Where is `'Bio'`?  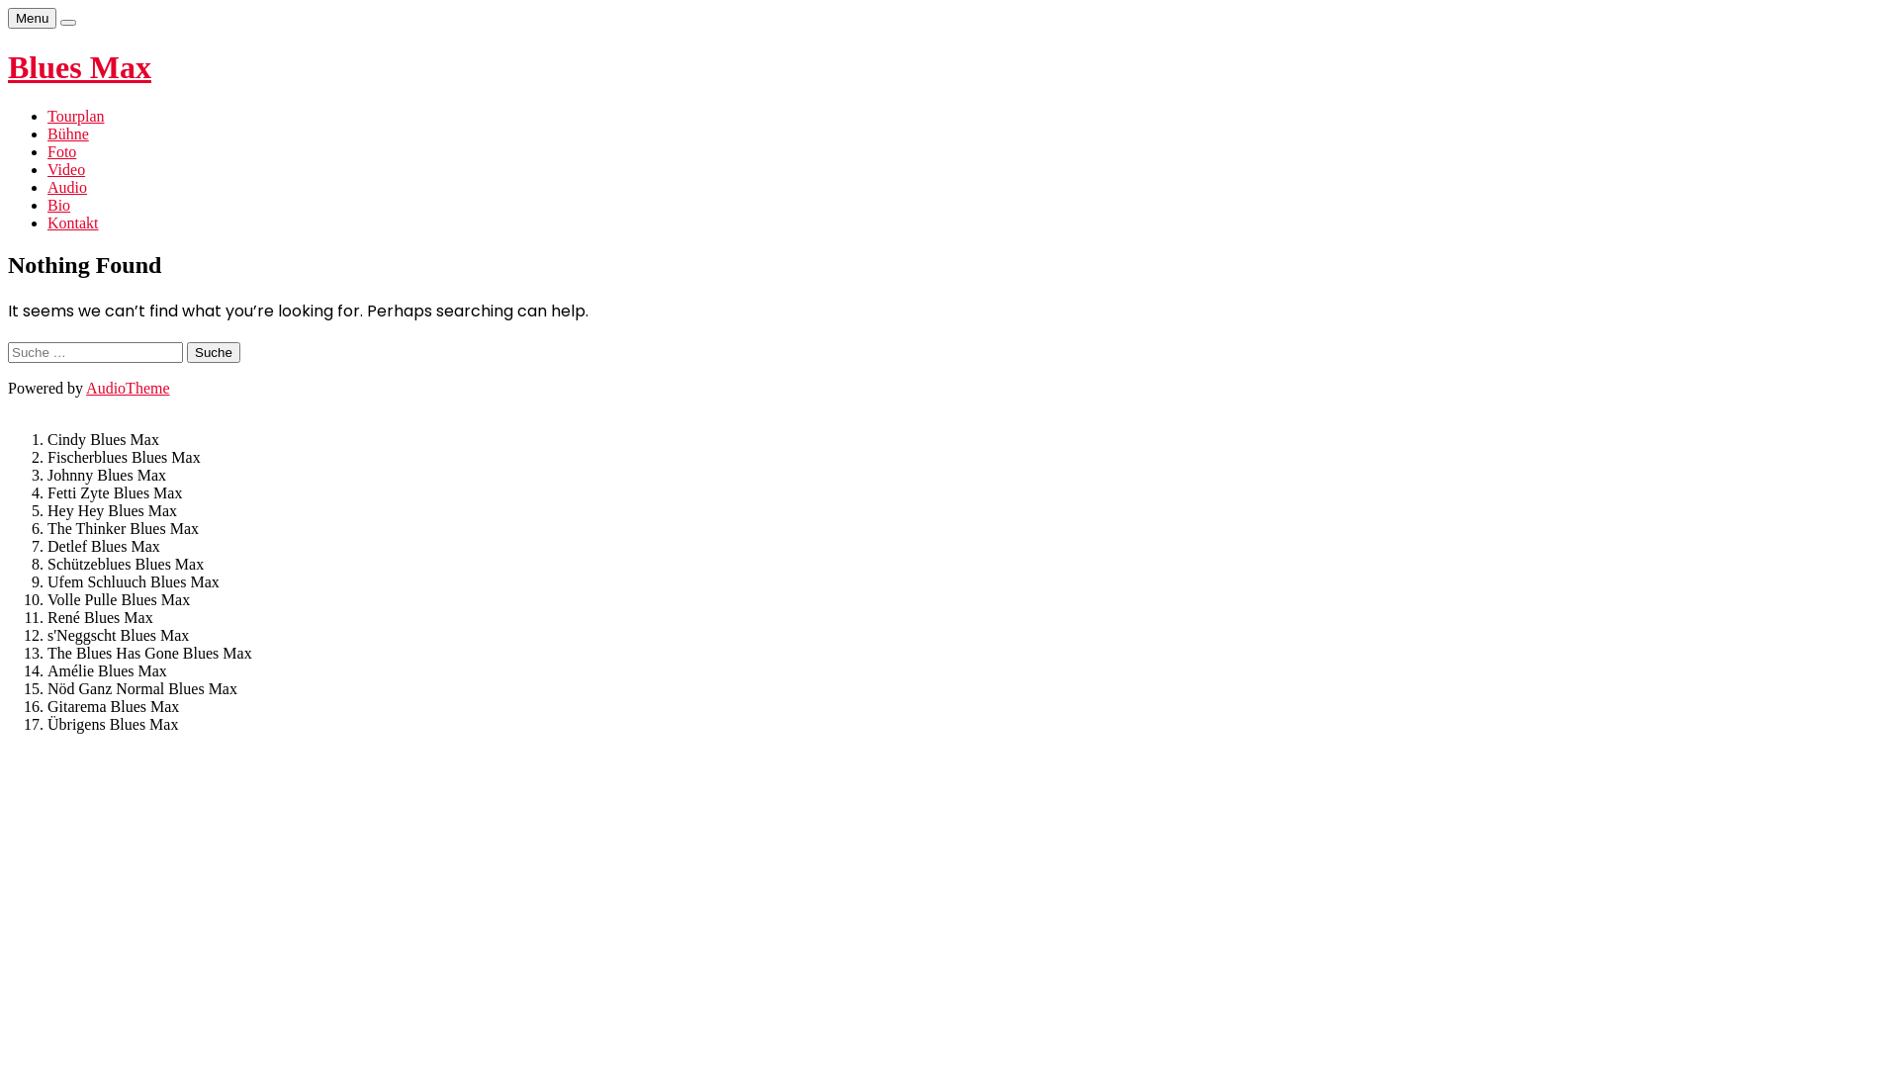
'Bio' is located at coordinates (47, 205).